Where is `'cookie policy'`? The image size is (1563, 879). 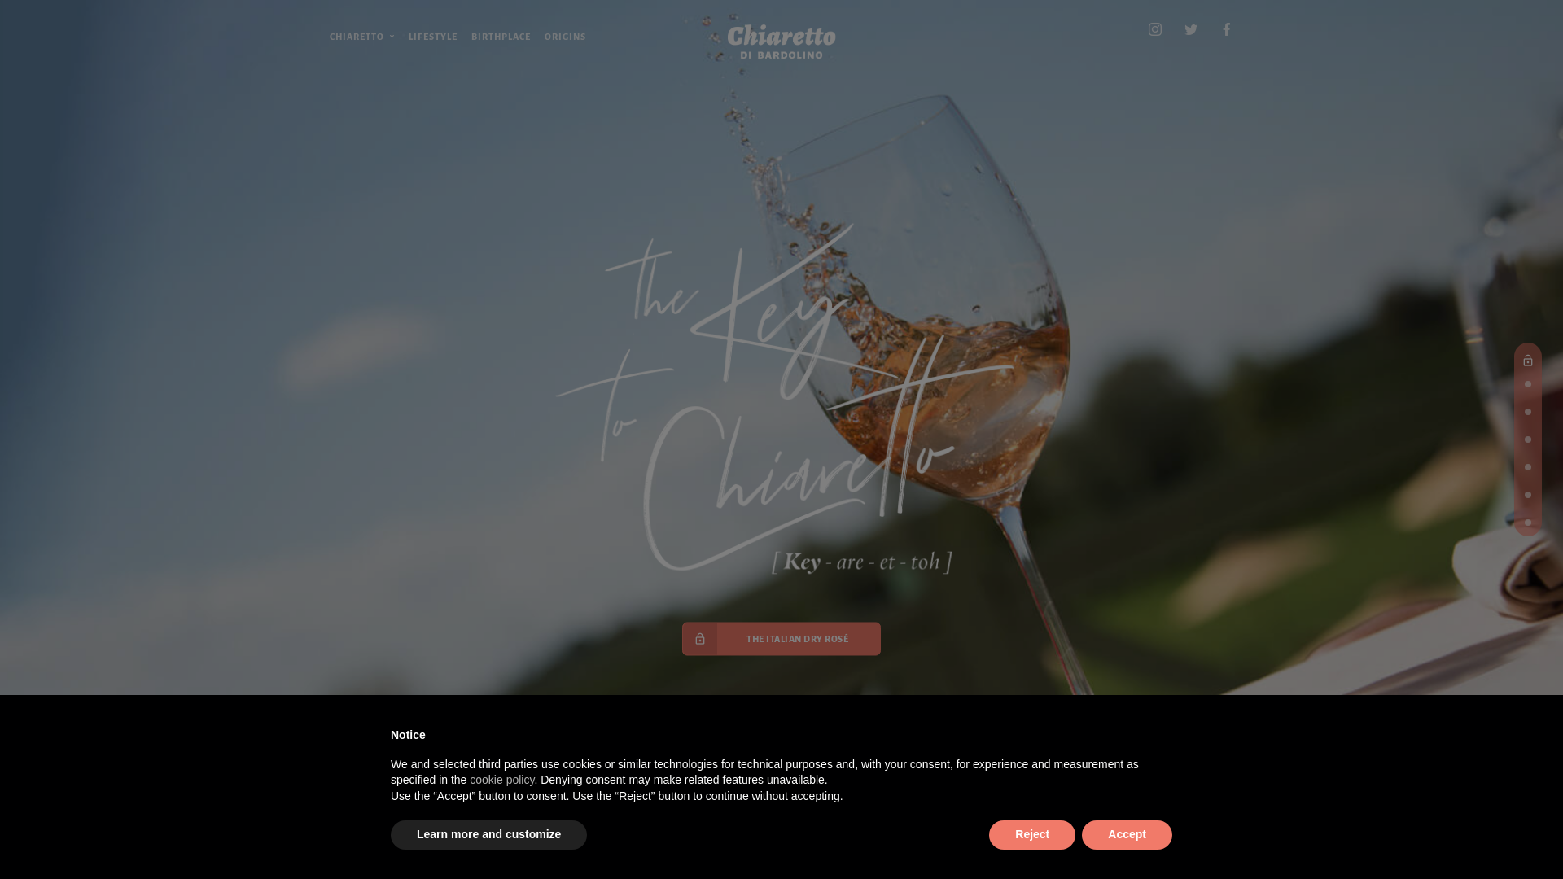 'cookie policy' is located at coordinates (501, 778).